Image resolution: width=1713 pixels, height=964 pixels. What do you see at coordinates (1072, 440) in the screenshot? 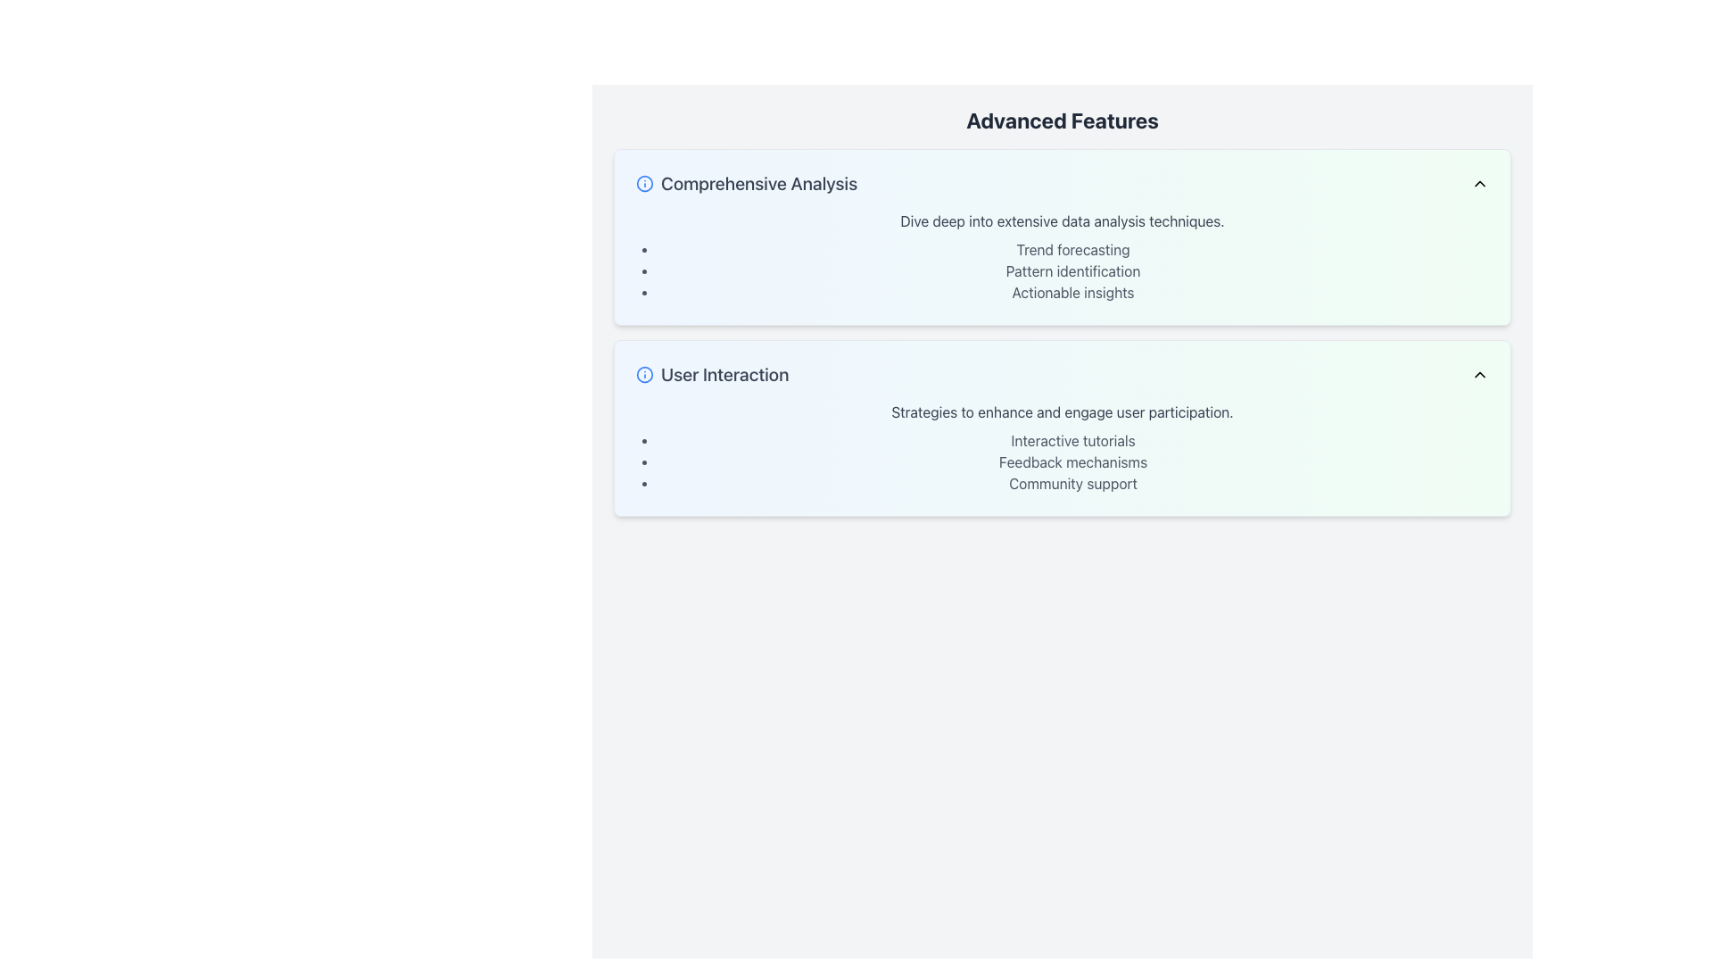
I see `the text label displaying 'Interactive tutorials', which is the first entry in the bulleted list under the 'User Interaction' section` at bounding box center [1072, 440].